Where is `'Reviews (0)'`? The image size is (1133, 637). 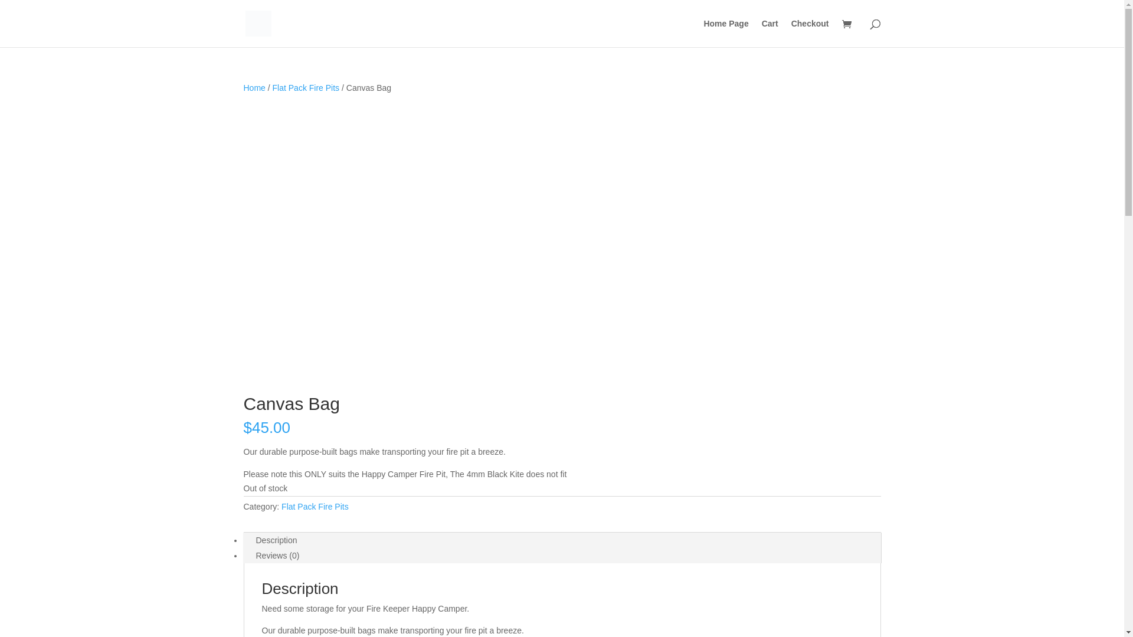 'Reviews (0)' is located at coordinates (277, 555).